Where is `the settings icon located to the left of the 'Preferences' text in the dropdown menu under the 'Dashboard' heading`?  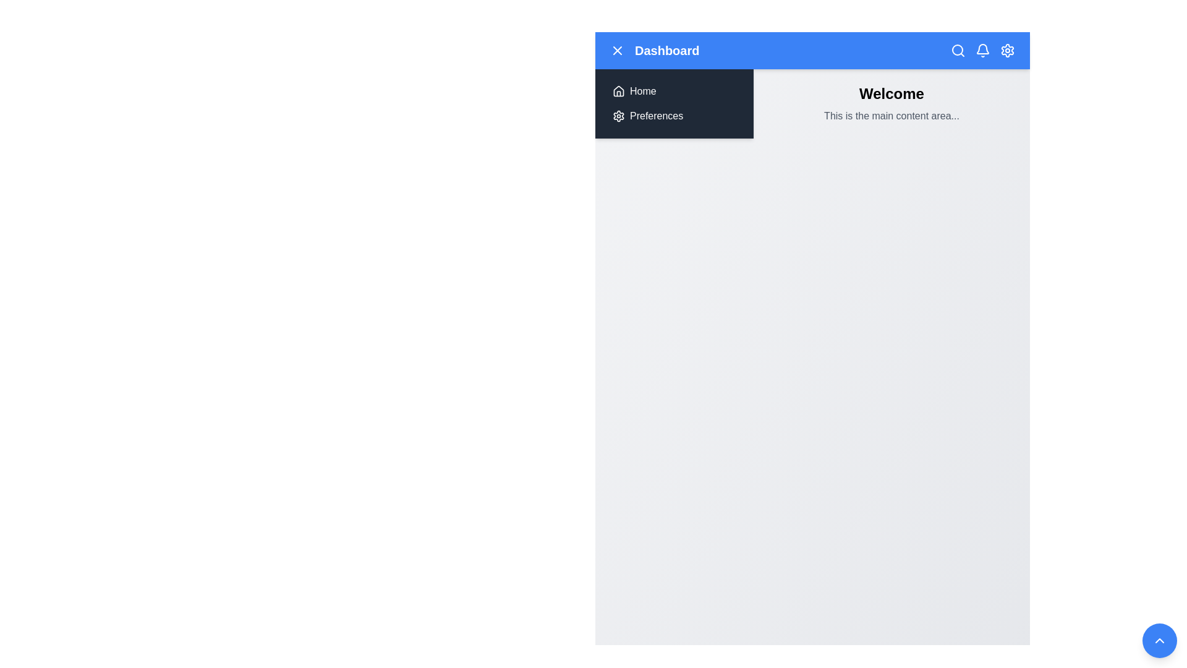 the settings icon located to the left of the 'Preferences' text in the dropdown menu under the 'Dashboard' heading is located at coordinates (619, 116).